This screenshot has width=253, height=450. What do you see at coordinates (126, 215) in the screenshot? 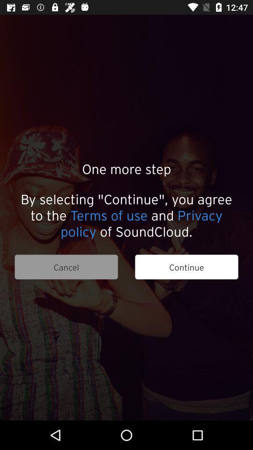
I see `the by selecting continue icon` at bounding box center [126, 215].